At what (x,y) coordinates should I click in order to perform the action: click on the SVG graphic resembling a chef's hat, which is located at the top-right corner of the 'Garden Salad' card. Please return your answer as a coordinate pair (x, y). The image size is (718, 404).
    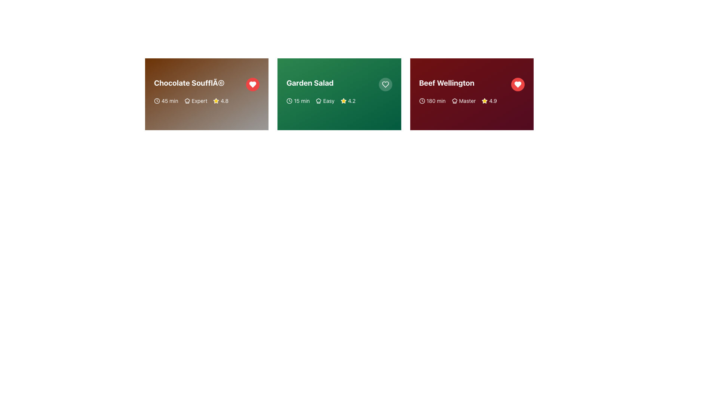
    Looking at the image, I should click on (319, 101).